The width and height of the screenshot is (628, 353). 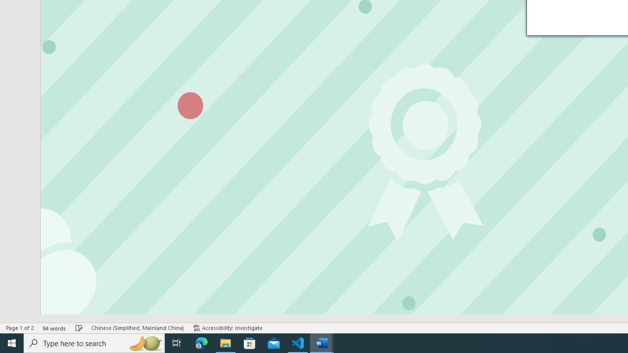 What do you see at coordinates (322, 342) in the screenshot?
I see `'Word - 2 running windows'` at bounding box center [322, 342].